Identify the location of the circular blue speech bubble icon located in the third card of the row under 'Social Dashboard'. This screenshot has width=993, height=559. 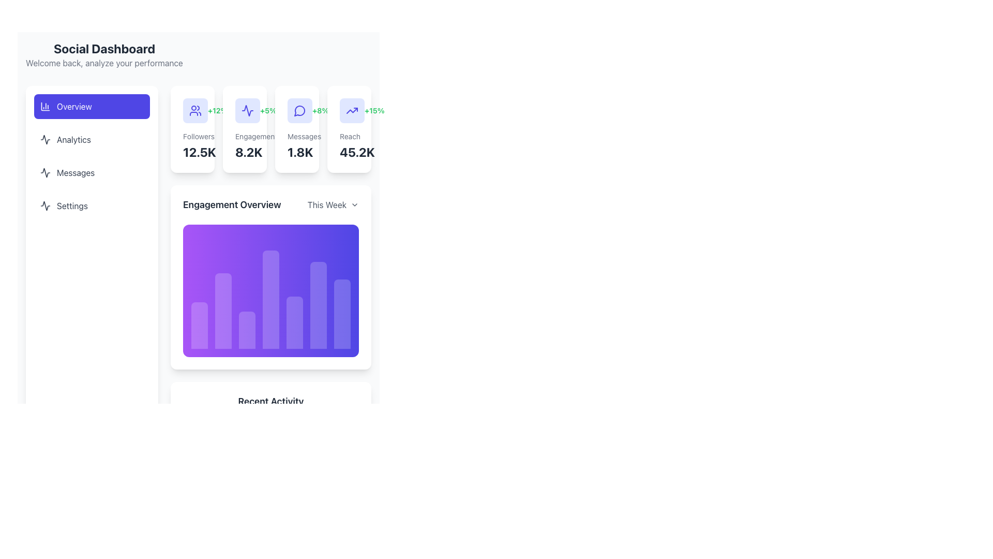
(299, 110).